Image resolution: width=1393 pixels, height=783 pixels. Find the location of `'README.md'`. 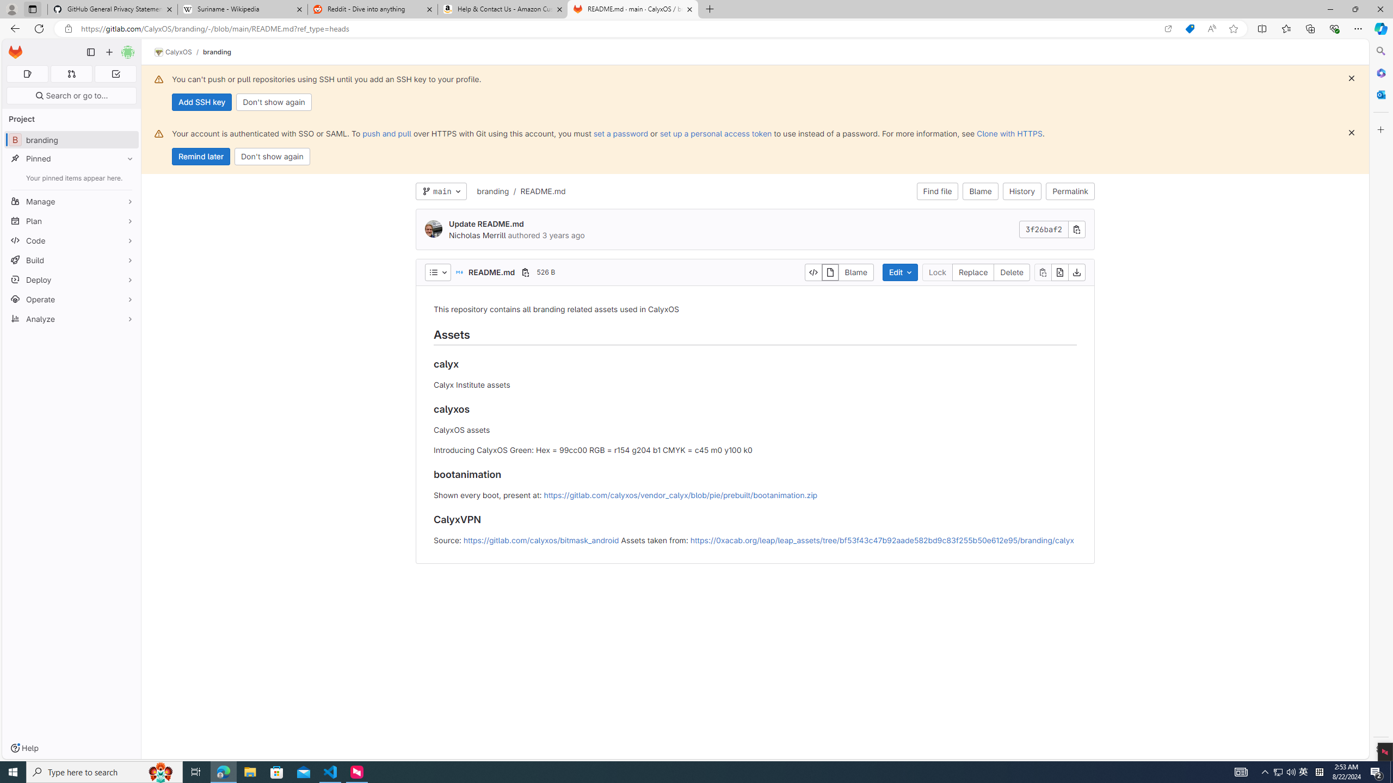

'README.md' is located at coordinates (542, 191).